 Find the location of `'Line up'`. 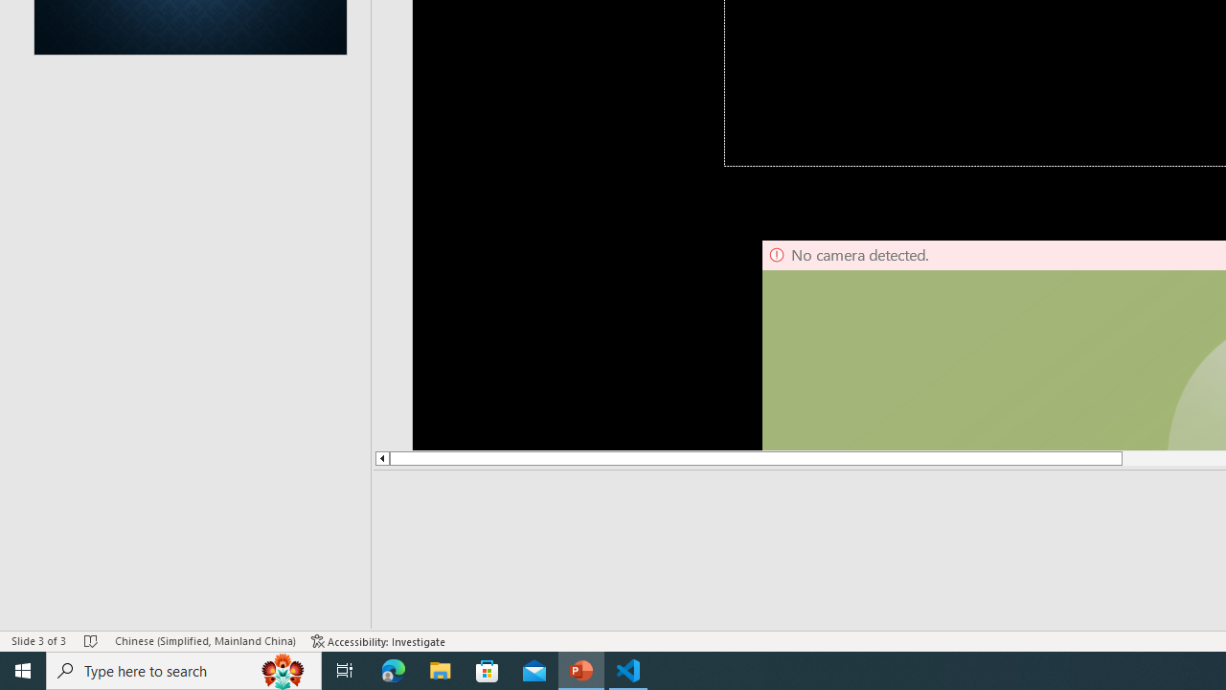

'Line up' is located at coordinates (381, 458).